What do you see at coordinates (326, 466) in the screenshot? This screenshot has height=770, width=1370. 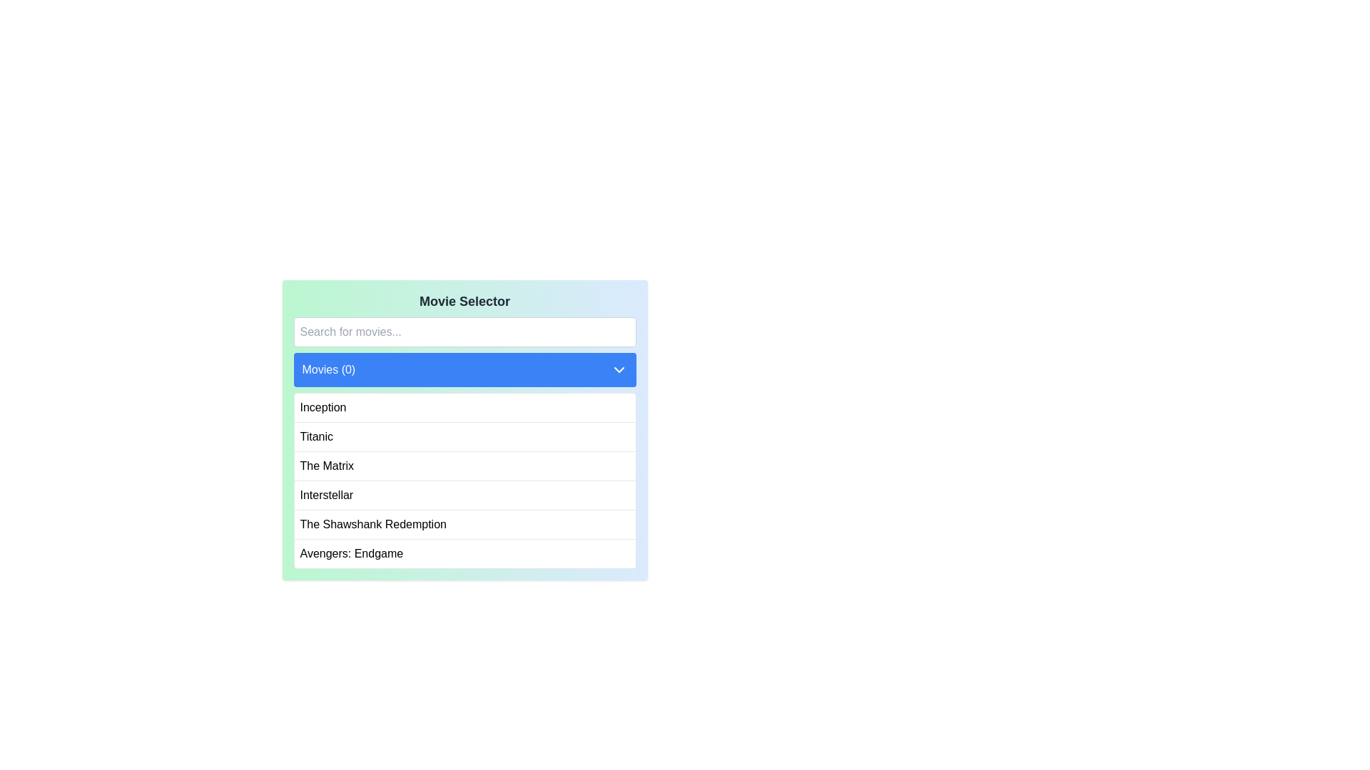 I see `the list item labeled 'The Matrix'` at bounding box center [326, 466].